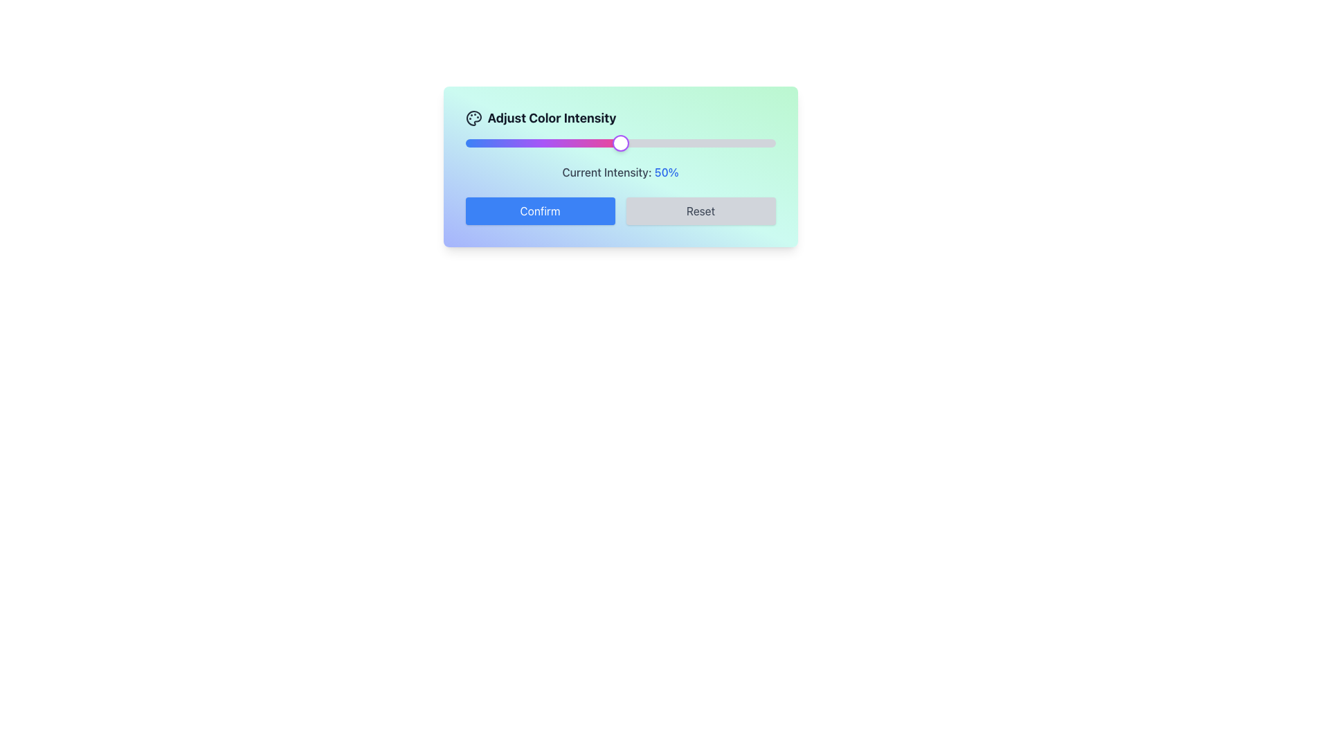 The image size is (1329, 748). Describe the element at coordinates (629, 143) in the screenshot. I see `the intensity` at that location.